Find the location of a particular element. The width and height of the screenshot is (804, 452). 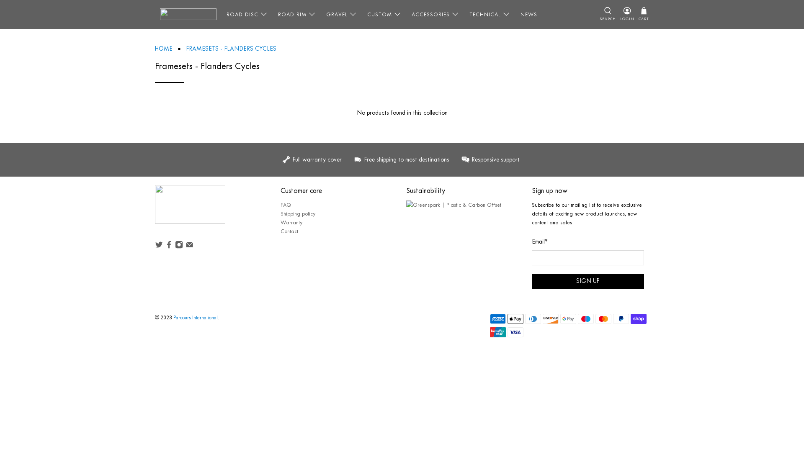

'Parcours International' is located at coordinates (195, 318).